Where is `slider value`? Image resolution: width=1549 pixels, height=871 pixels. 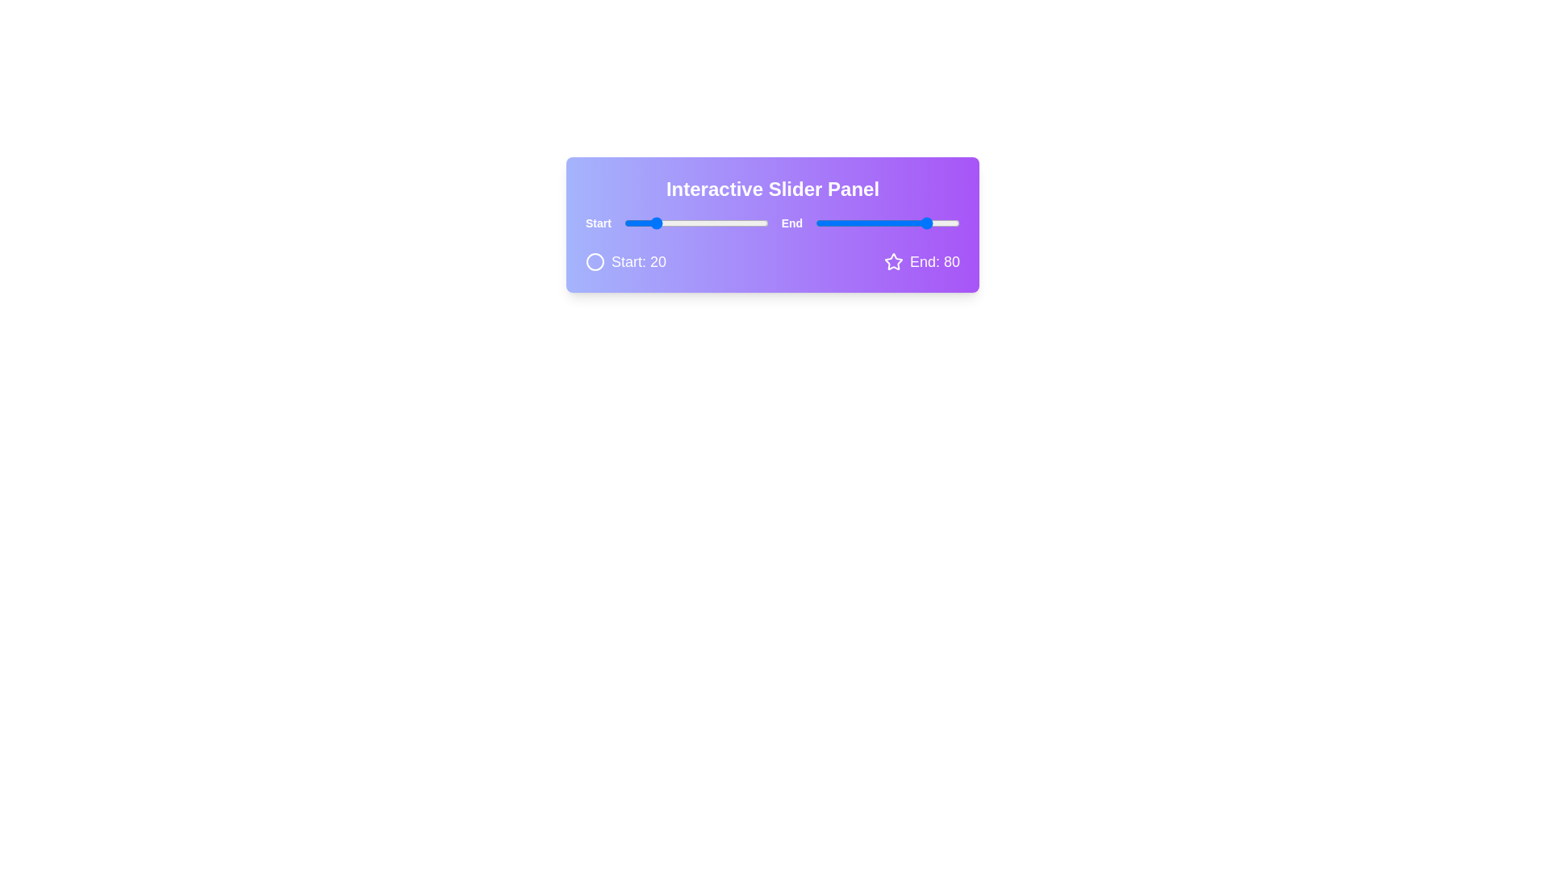 slider value is located at coordinates (720, 223).